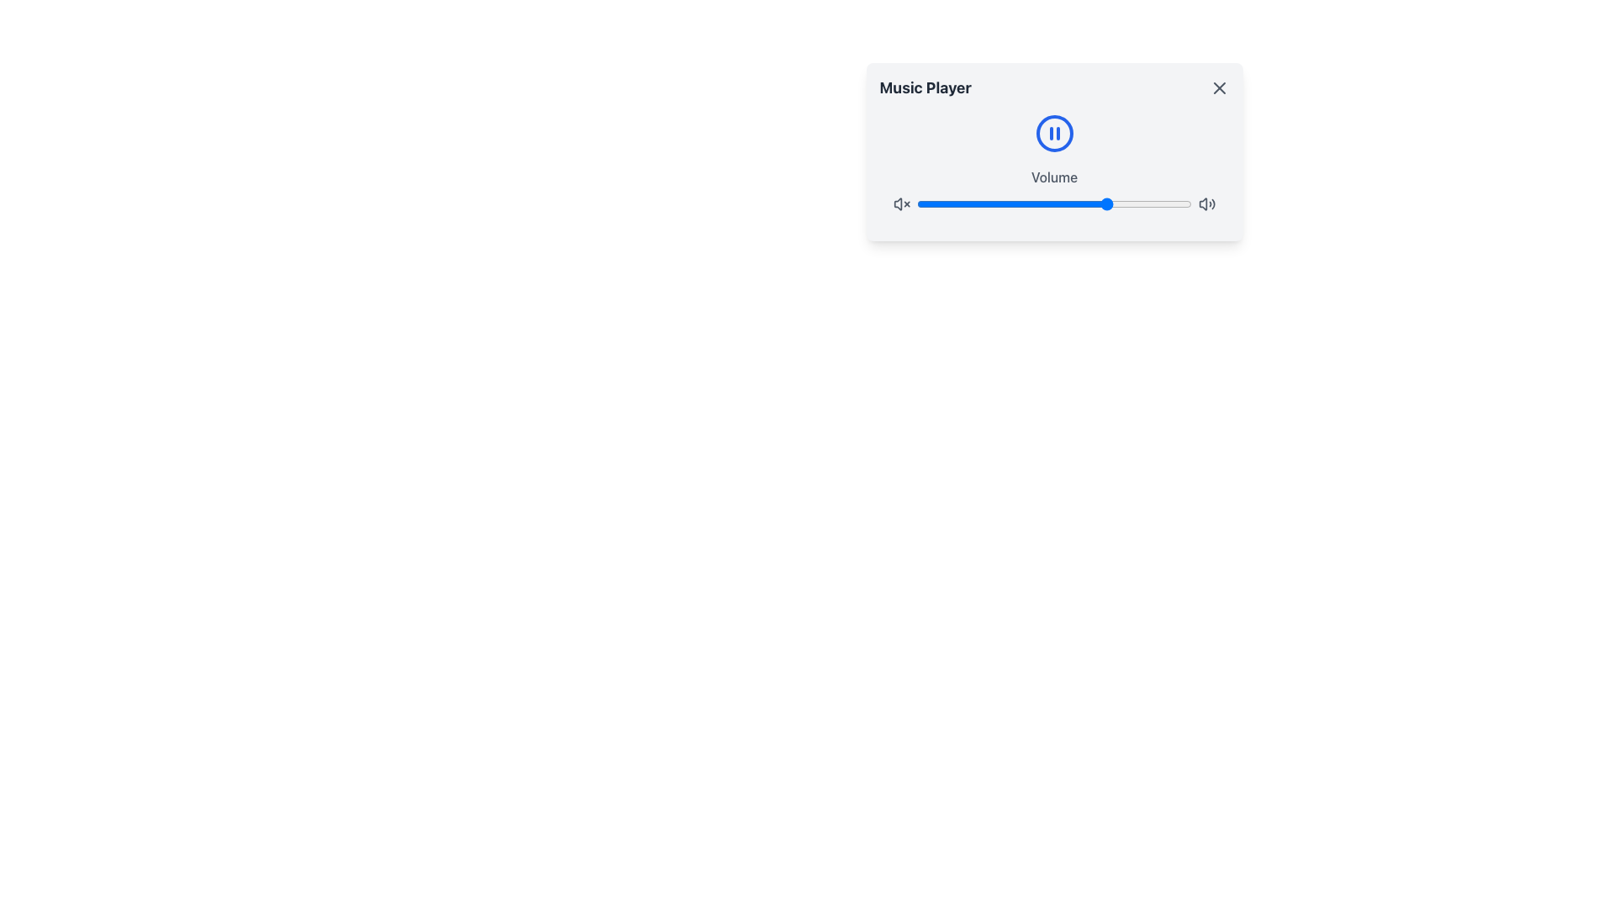 This screenshot has height=908, width=1614. I want to click on the volume slider, so click(930, 203).